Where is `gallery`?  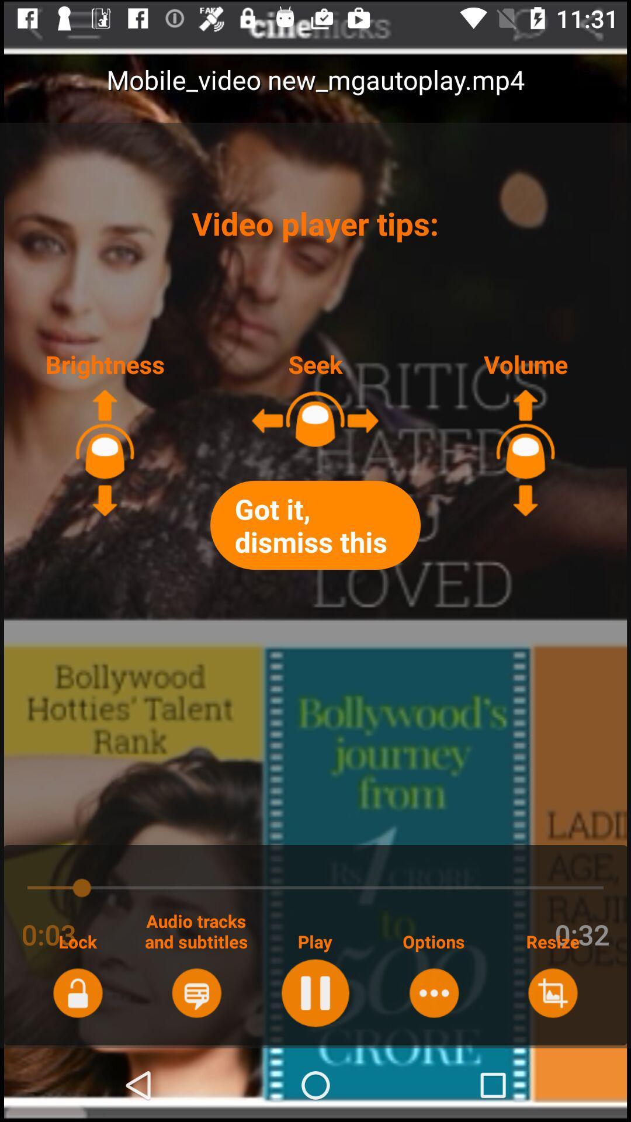
gallery is located at coordinates (552, 992).